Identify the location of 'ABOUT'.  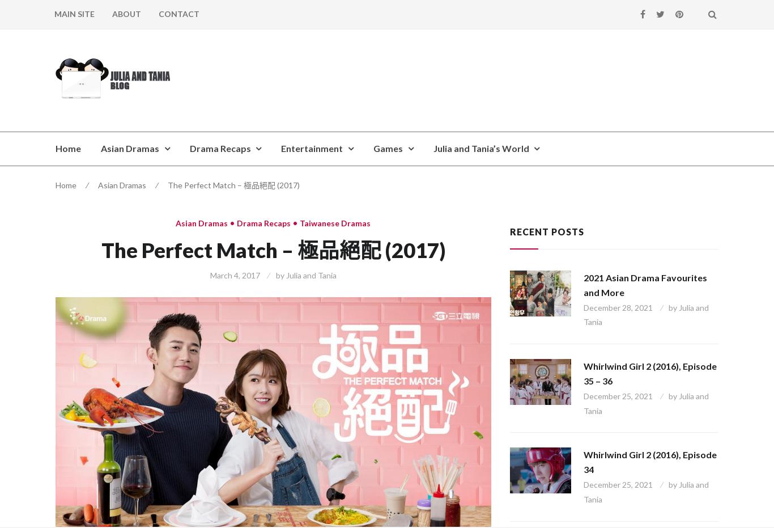
(126, 13).